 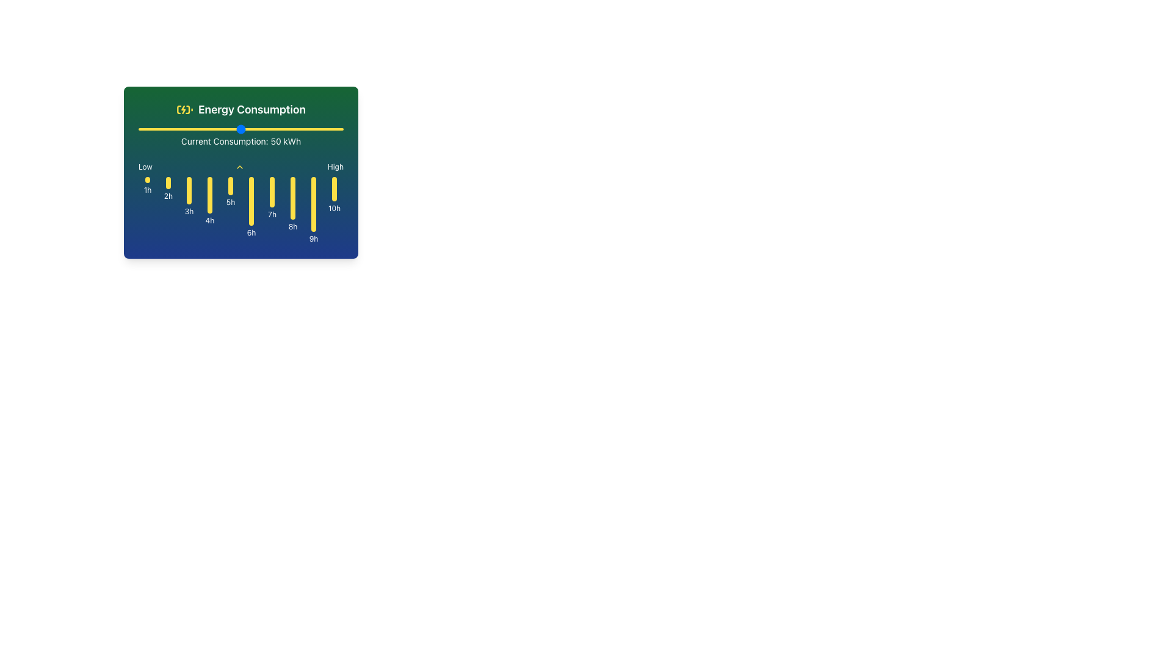 What do you see at coordinates (173, 129) in the screenshot?
I see `current consumption` at bounding box center [173, 129].